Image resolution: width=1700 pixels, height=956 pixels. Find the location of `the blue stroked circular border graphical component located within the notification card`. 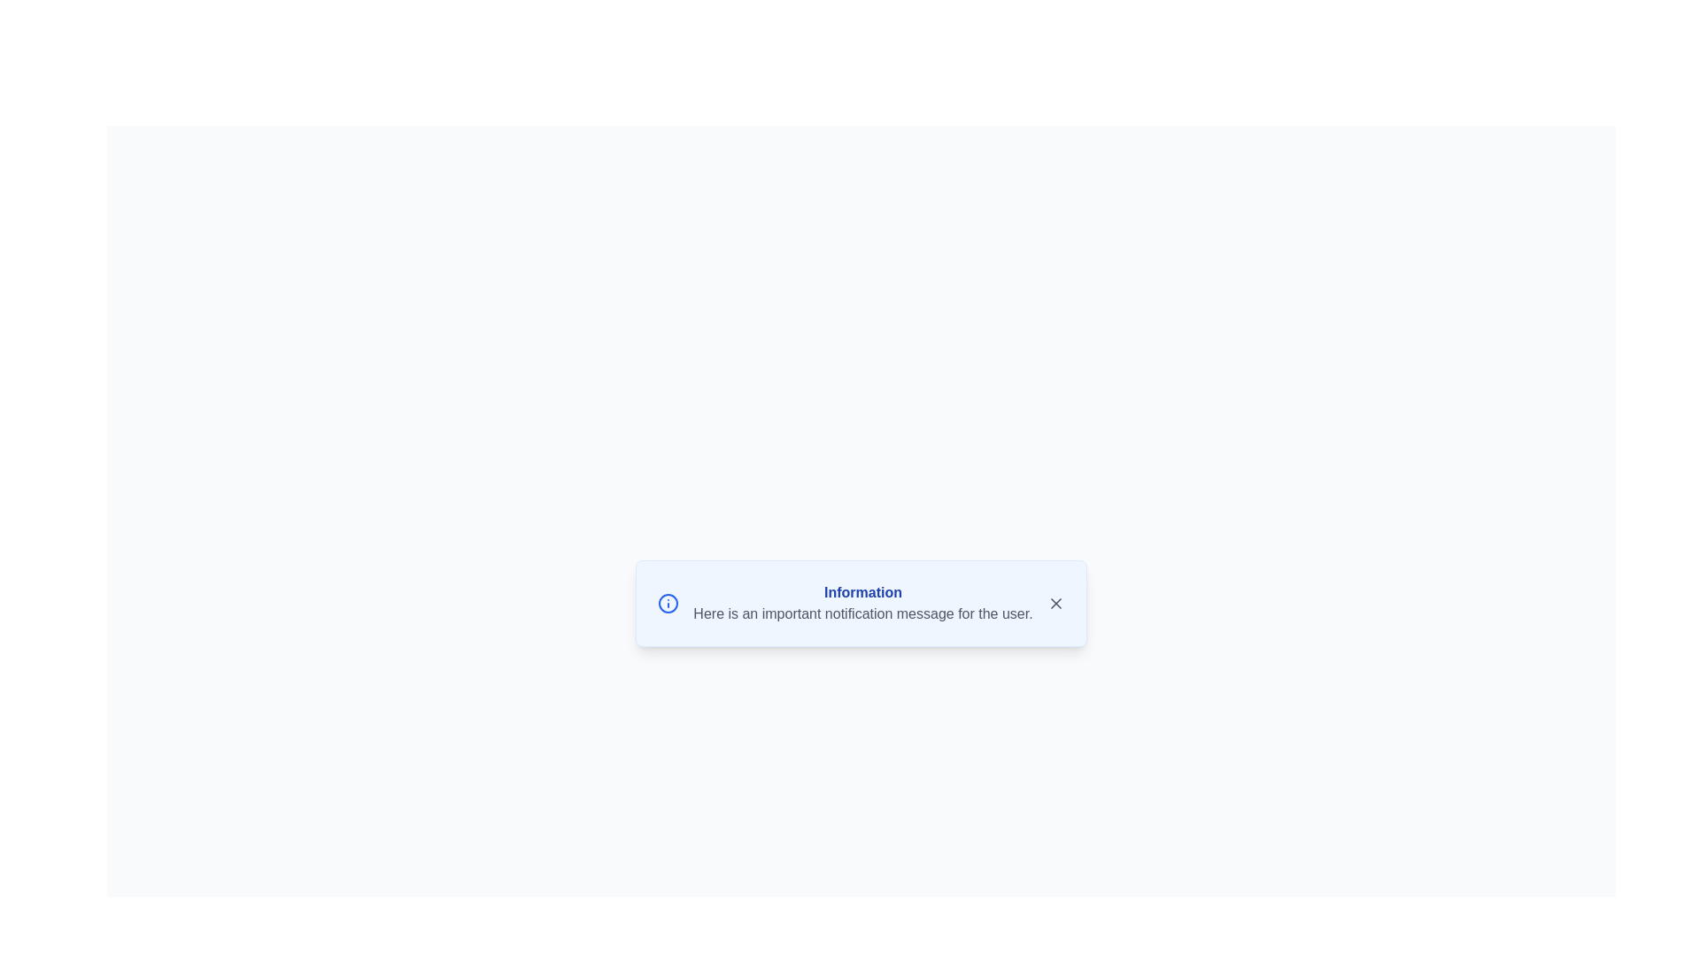

the blue stroked circular border graphical component located within the notification card is located at coordinates (668, 603).